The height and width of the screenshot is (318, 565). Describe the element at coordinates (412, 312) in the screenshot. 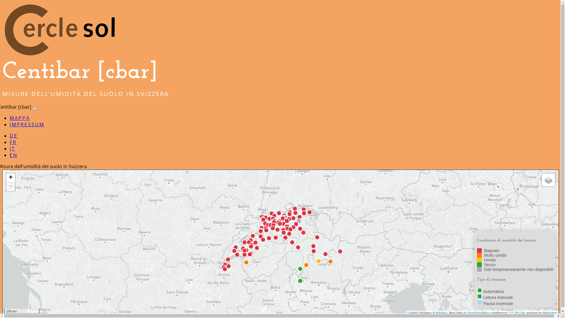

I see `'Leaflet'` at that location.